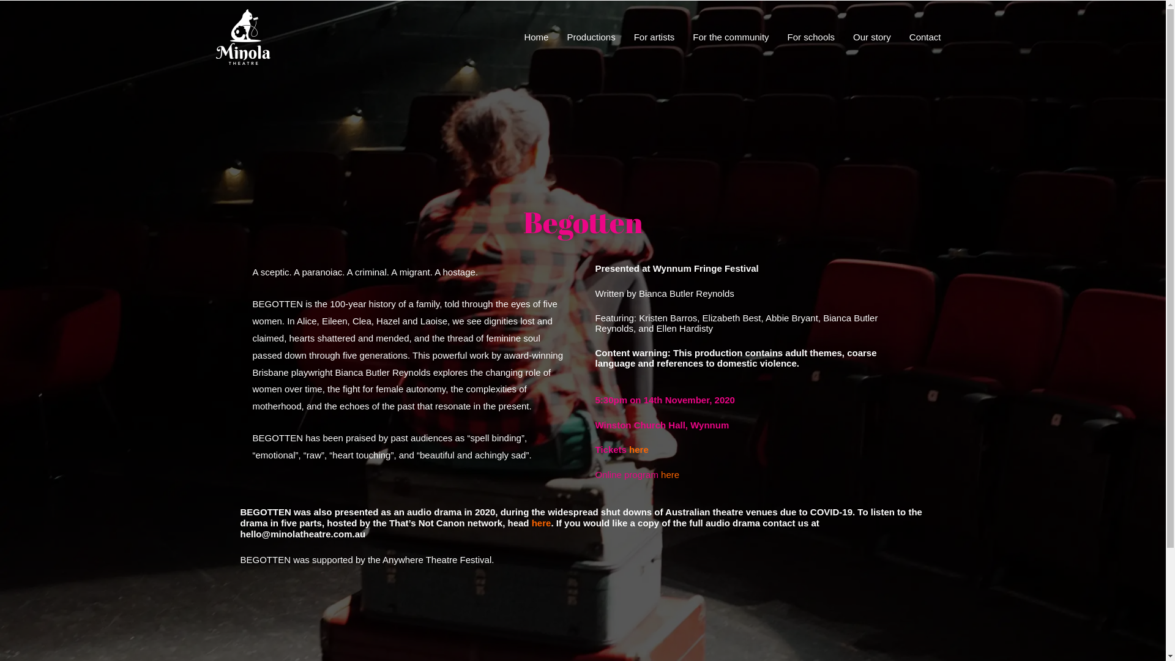 The height and width of the screenshot is (661, 1175). I want to click on 'Home', so click(514, 36).